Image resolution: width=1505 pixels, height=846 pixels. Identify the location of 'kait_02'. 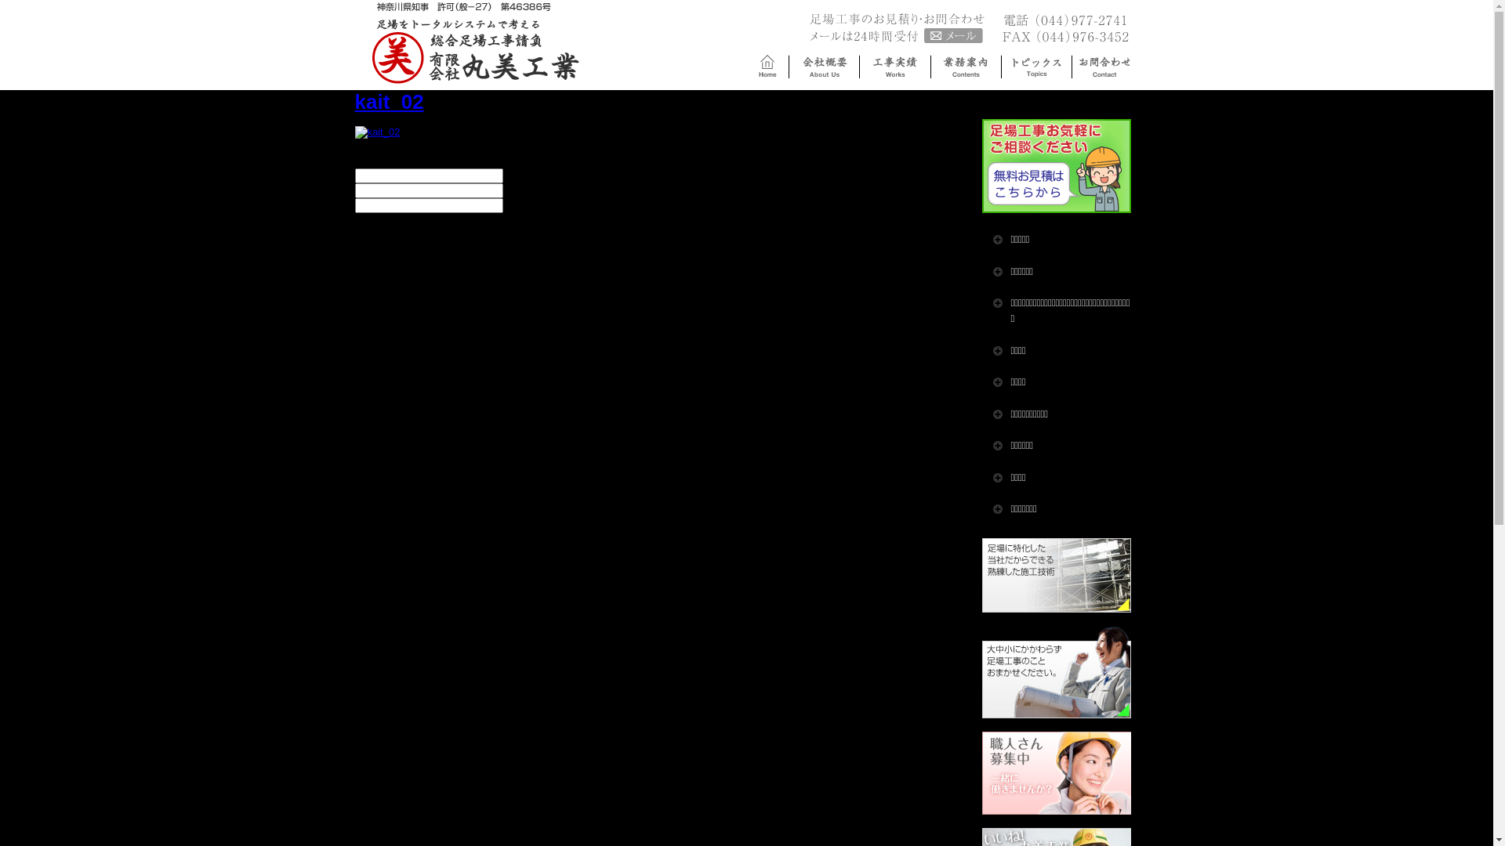
(376, 132).